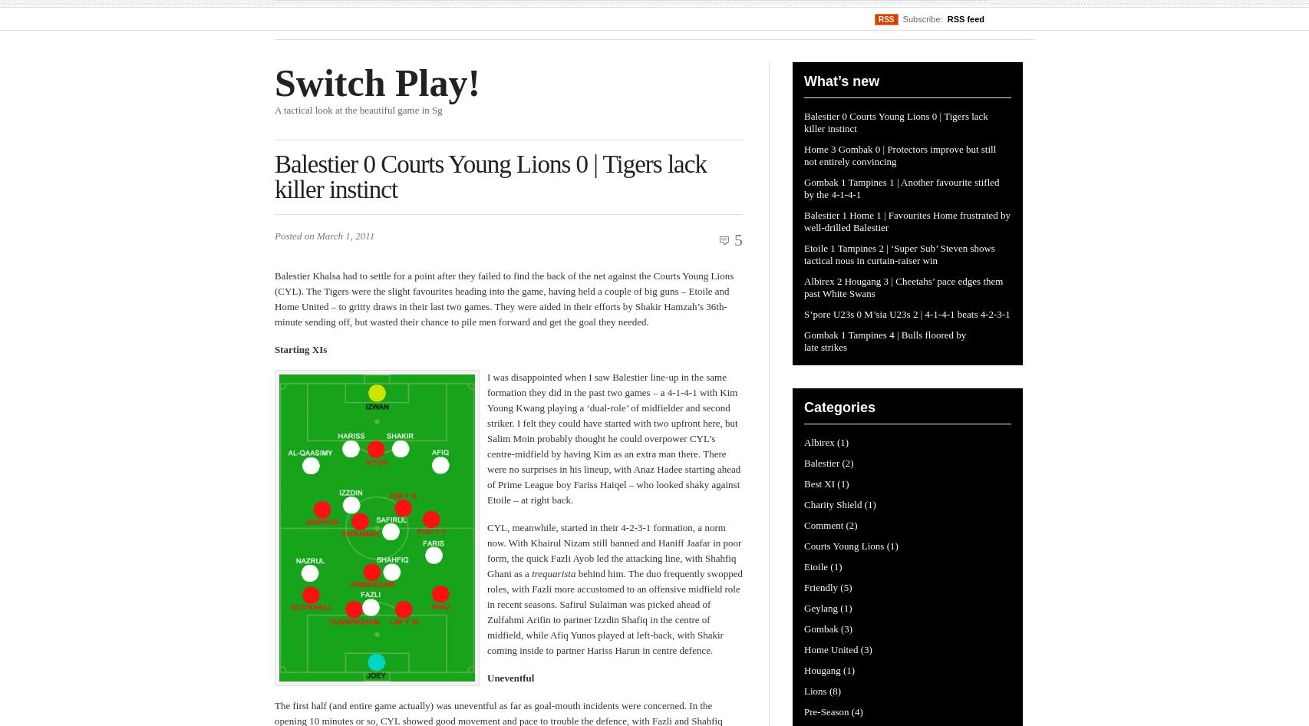 This screenshot has width=1309, height=726. Describe the element at coordinates (803, 608) in the screenshot. I see `'Geylang'` at that location.